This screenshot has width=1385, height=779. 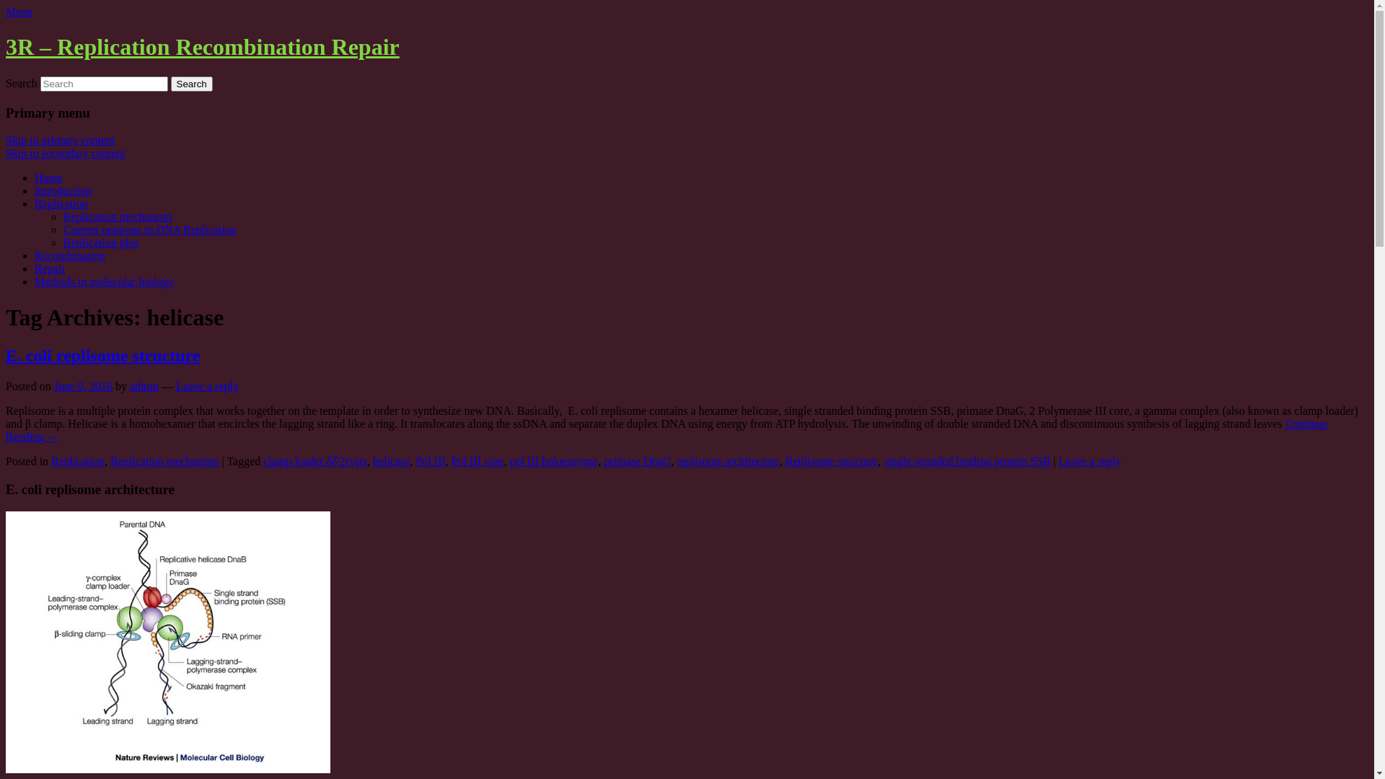 What do you see at coordinates (144, 385) in the screenshot?
I see `'admin'` at bounding box center [144, 385].